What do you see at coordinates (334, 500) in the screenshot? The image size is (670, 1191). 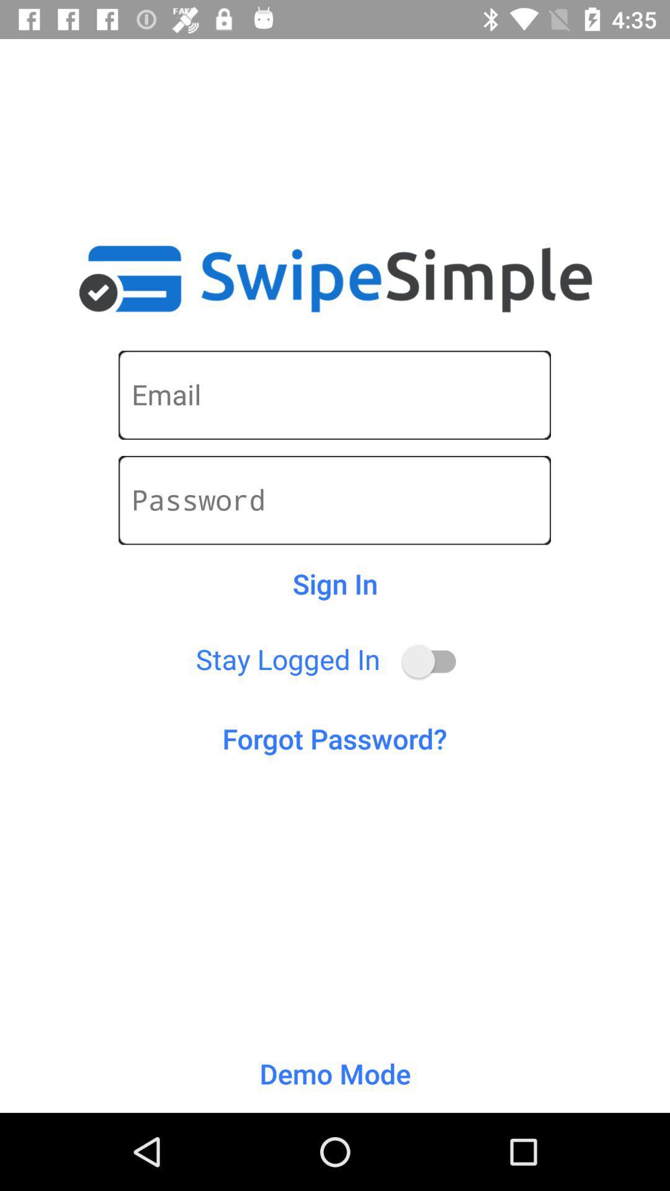 I see `item above sign in` at bounding box center [334, 500].